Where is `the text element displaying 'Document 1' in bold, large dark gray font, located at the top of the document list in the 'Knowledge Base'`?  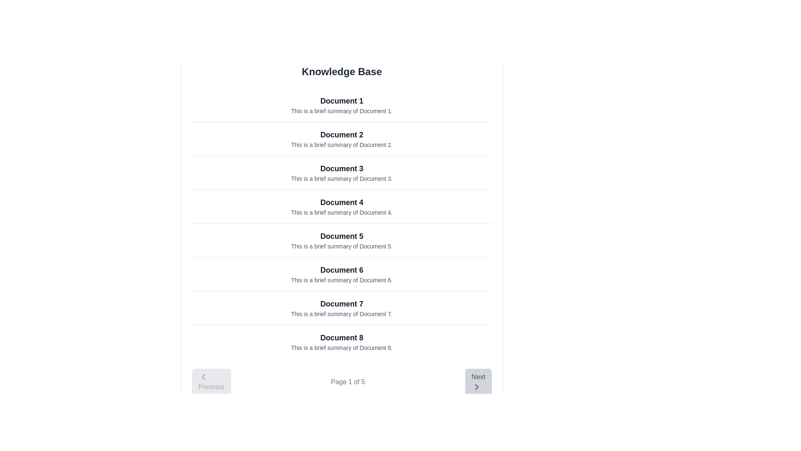 the text element displaying 'Document 1' in bold, large dark gray font, located at the top of the document list in the 'Knowledge Base' is located at coordinates (342, 101).